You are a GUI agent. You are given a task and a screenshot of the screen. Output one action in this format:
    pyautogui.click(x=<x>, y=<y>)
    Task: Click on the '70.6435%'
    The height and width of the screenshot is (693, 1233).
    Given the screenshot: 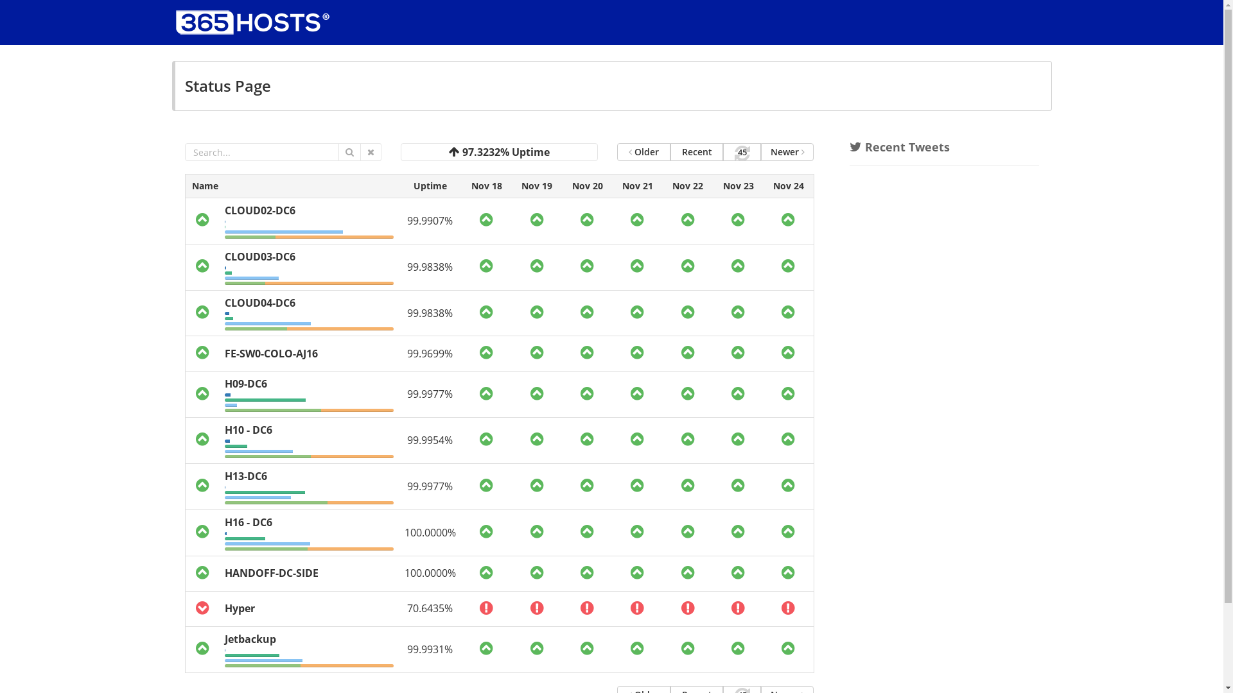 What is the action you would take?
    pyautogui.click(x=430, y=608)
    